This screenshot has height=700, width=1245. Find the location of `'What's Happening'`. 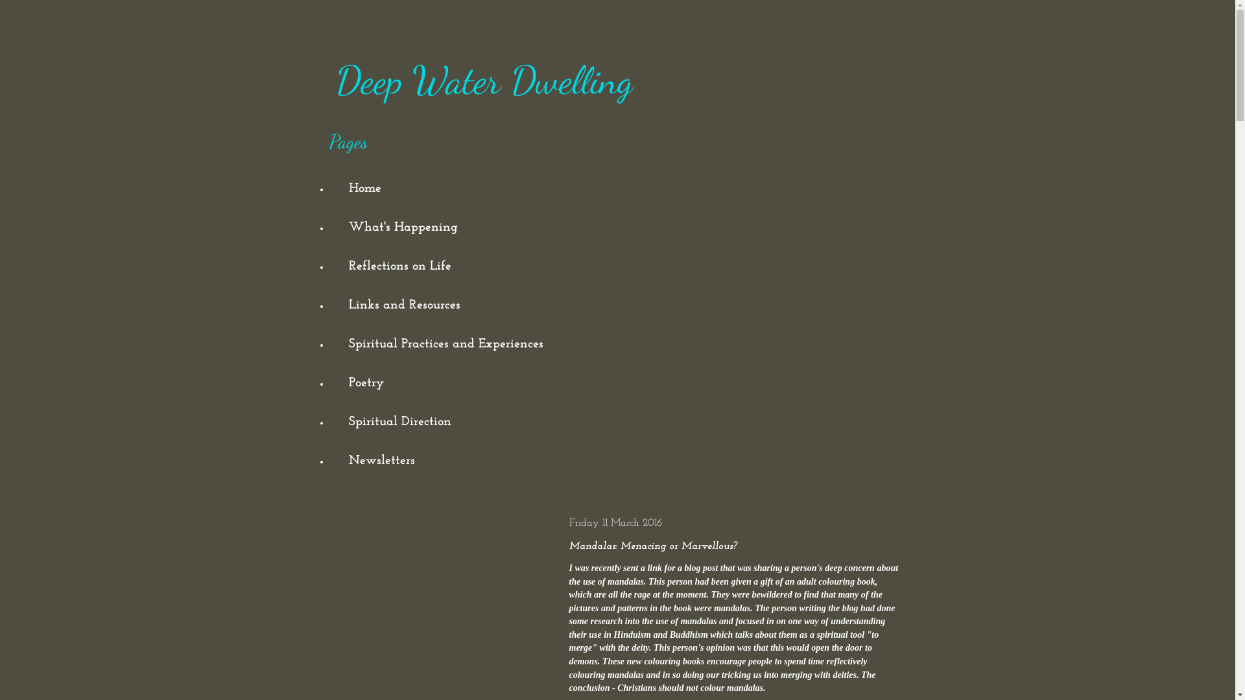

'What's Happening' is located at coordinates (403, 227).